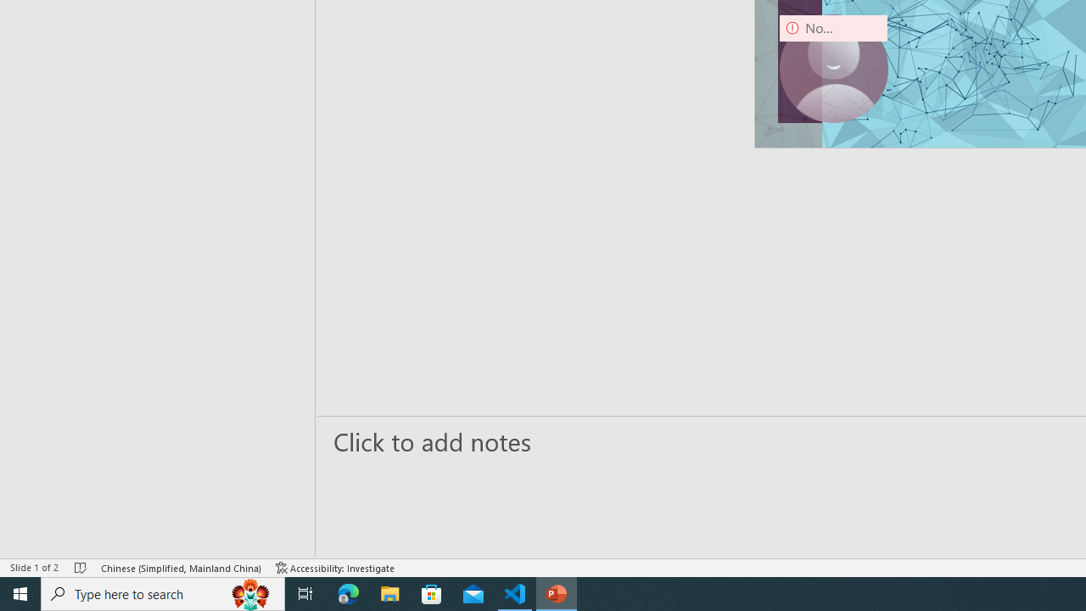  Describe the element at coordinates (833, 68) in the screenshot. I see `'Camera 9, No camera detected.'` at that location.